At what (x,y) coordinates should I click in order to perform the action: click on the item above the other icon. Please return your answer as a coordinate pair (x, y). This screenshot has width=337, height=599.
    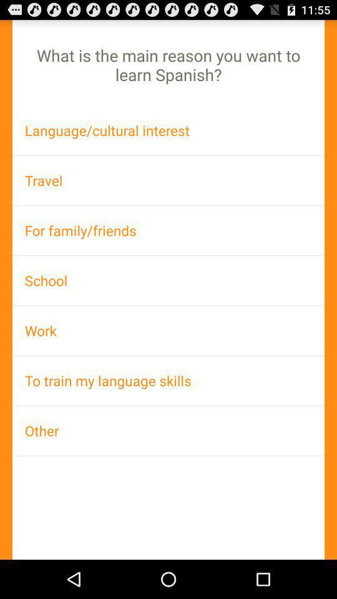
    Looking at the image, I should click on (168, 380).